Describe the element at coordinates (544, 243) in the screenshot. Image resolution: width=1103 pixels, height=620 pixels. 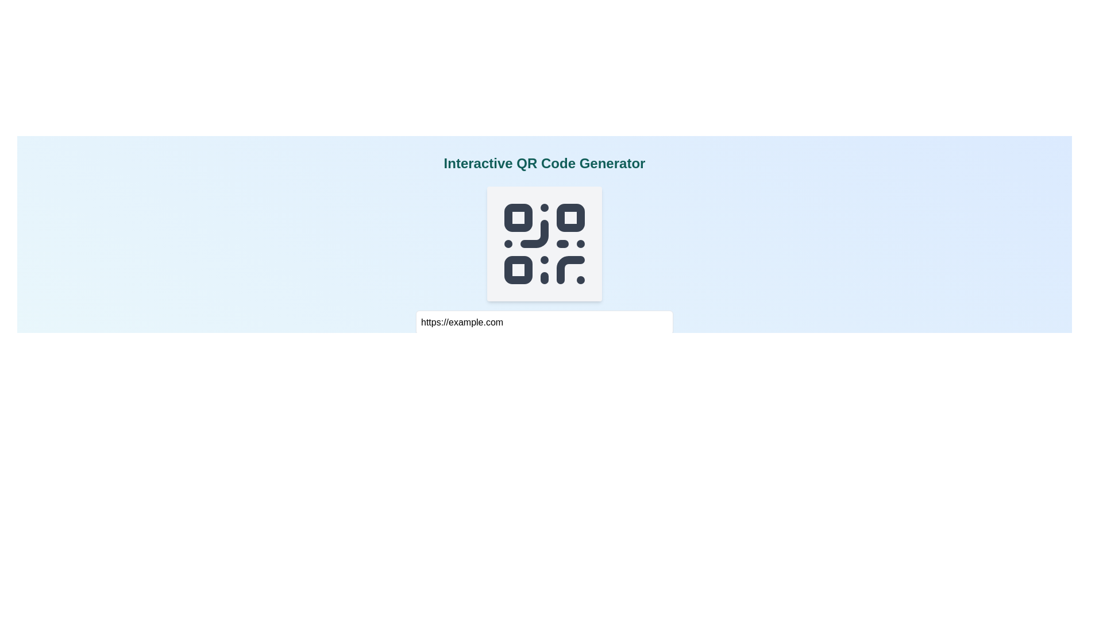
I see `the non-interactive visual element that displays a QR code, which is located beneath the header 'Interactive QR Code Generator'` at that location.